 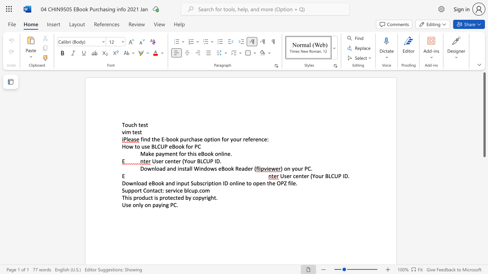 What do you see at coordinates (136, 204) in the screenshot?
I see `the subset text "nly on paying PC" within the text "Use only on paying PC."` at bounding box center [136, 204].